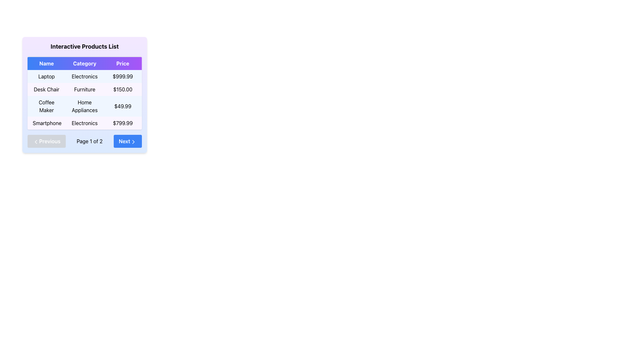  Describe the element at coordinates (89, 141) in the screenshot. I see `the text label displaying 'Page 1 of 2' which is centrally positioned in the pagination bar between the 'Previous' and 'Next' buttons` at that location.